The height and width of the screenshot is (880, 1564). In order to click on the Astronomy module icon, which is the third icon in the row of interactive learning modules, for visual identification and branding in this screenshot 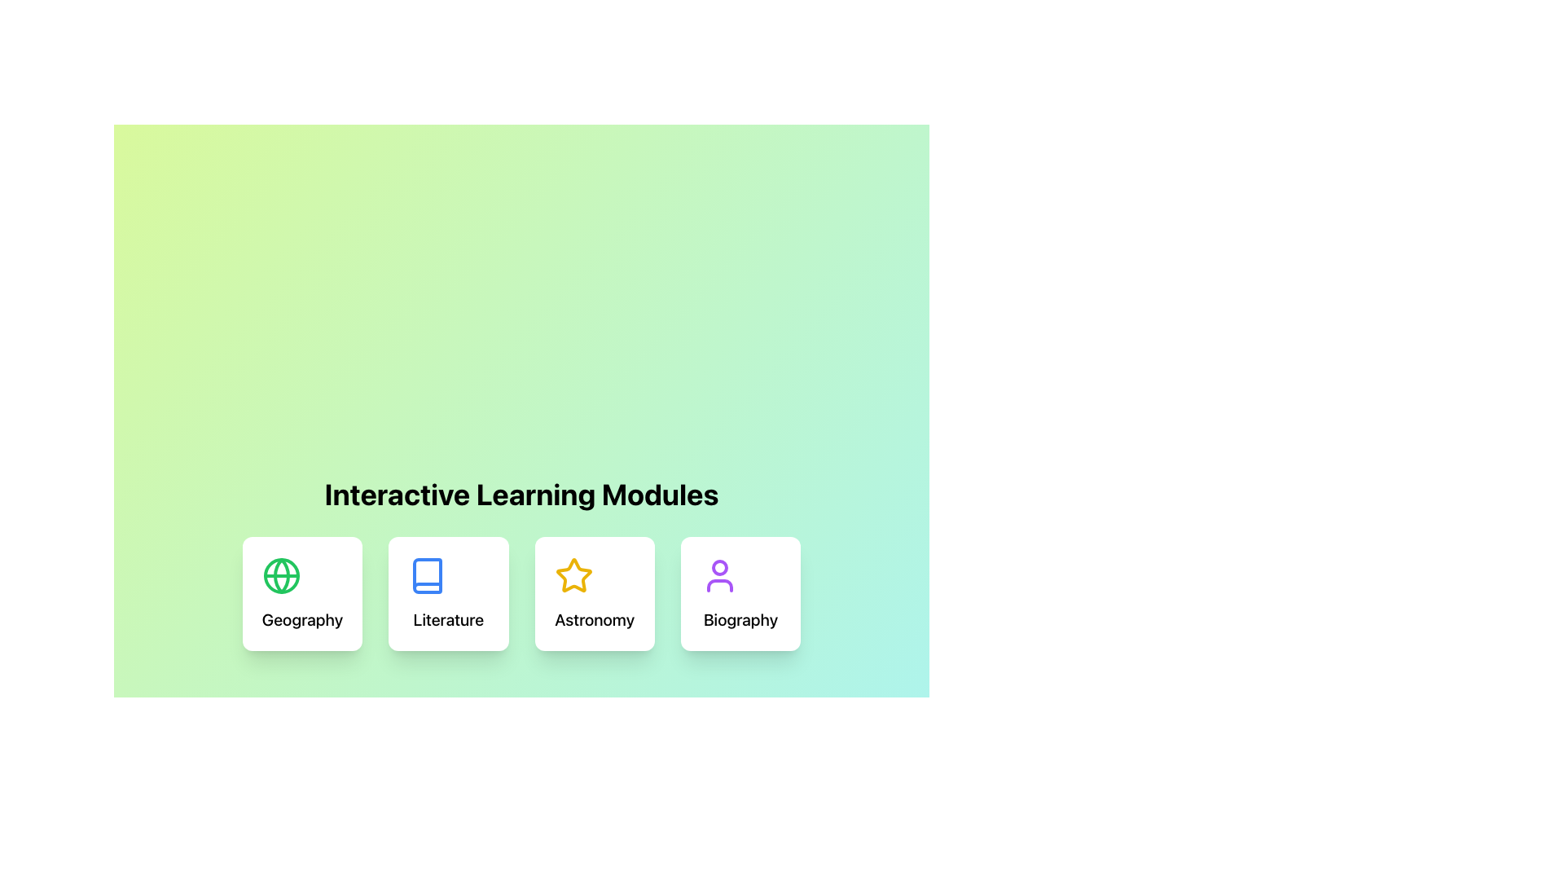, I will do `click(573, 574)`.